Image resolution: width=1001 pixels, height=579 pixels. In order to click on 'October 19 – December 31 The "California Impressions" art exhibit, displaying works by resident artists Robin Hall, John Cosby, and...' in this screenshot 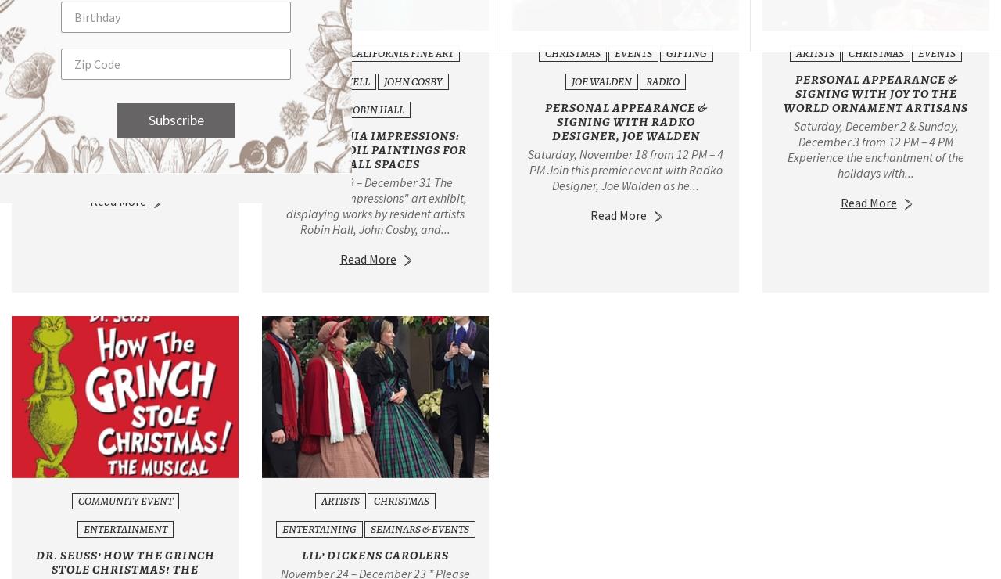, I will do `click(374, 204)`.